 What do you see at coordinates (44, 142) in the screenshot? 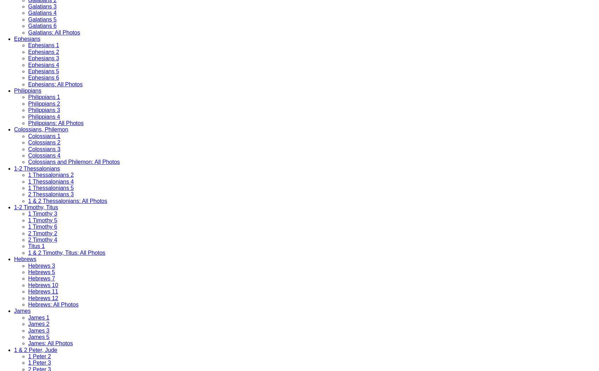
I see `'Colossians 2'` at bounding box center [44, 142].